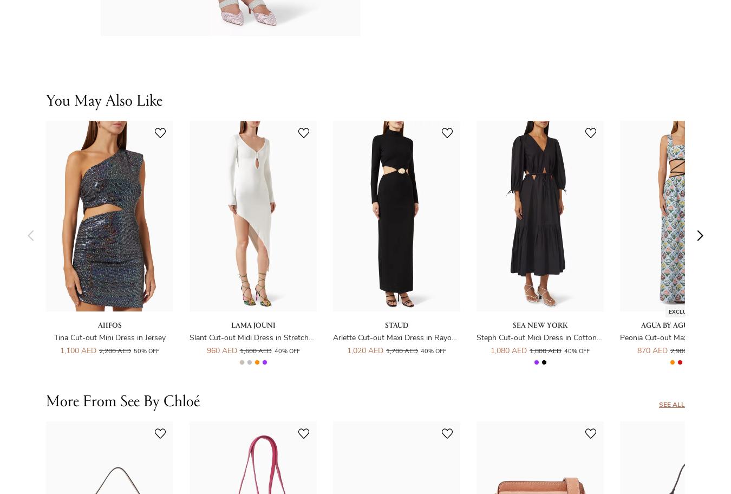  What do you see at coordinates (146, 350) in the screenshot?
I see `'50% OFF'` at bounding box center [146, 350].